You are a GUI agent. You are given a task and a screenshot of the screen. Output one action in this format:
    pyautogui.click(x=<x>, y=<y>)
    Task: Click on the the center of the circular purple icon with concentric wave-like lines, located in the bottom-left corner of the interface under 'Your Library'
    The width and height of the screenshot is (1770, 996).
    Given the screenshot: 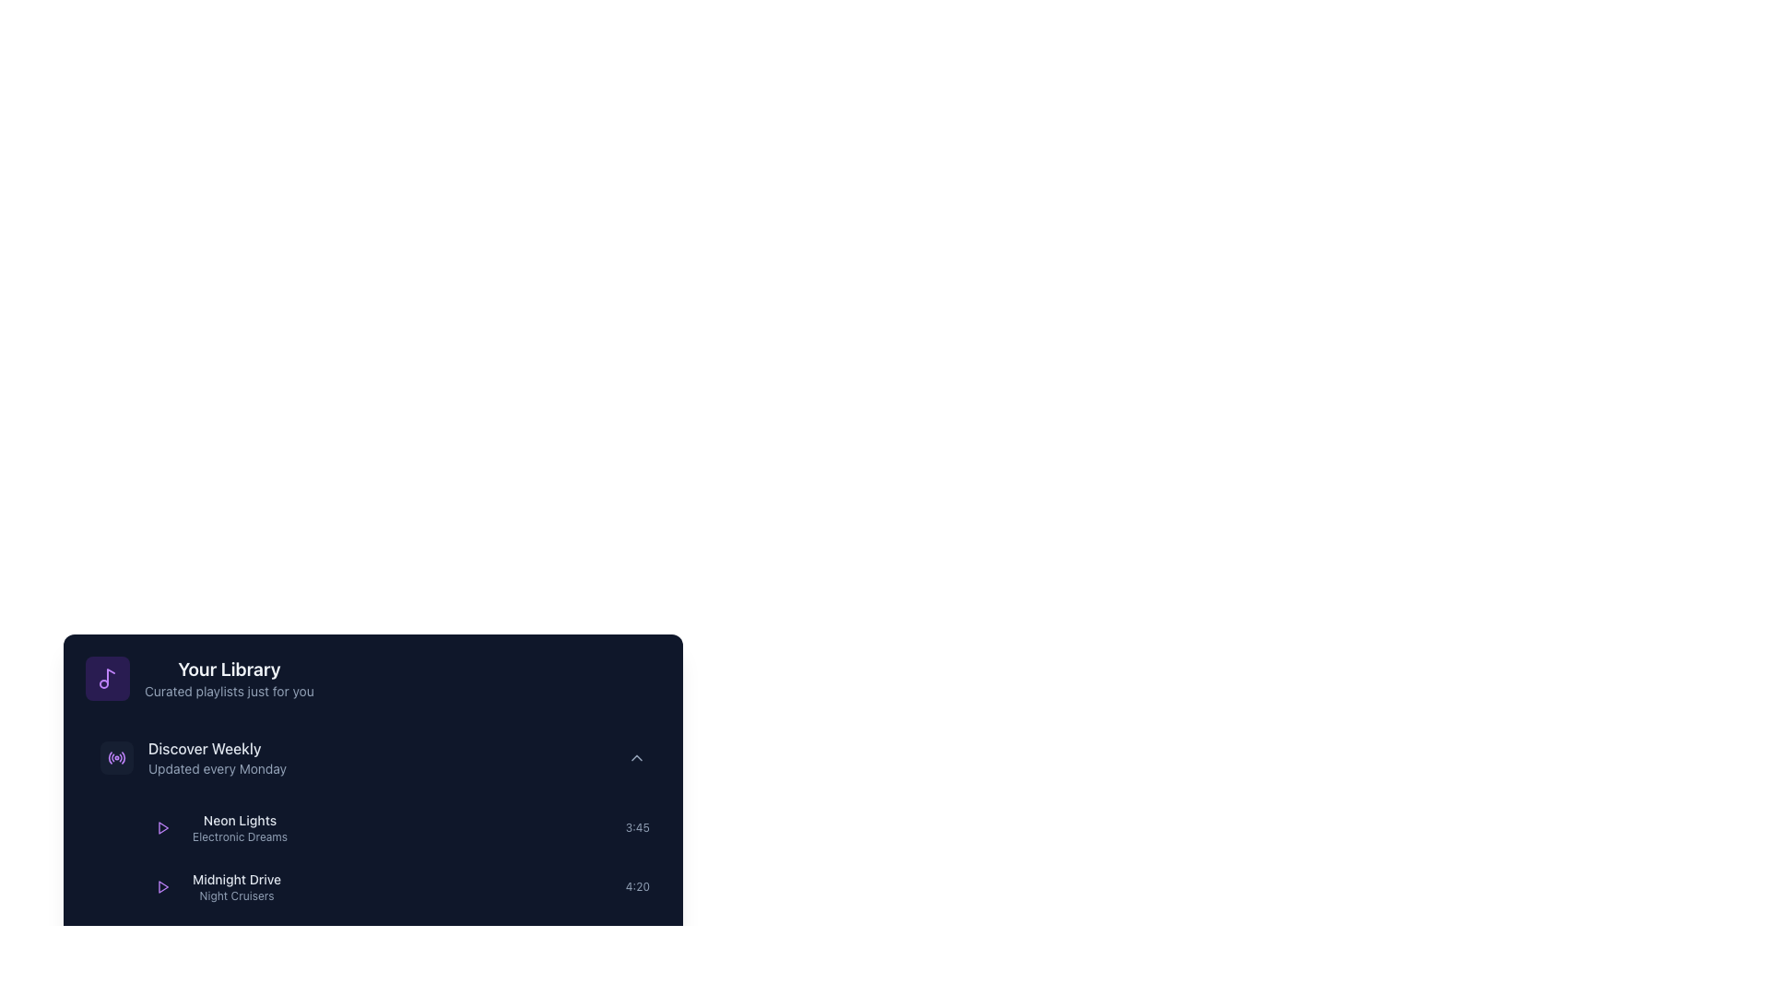 What is the action you would take?
    pyautogui.click(x=115, y=757)
    